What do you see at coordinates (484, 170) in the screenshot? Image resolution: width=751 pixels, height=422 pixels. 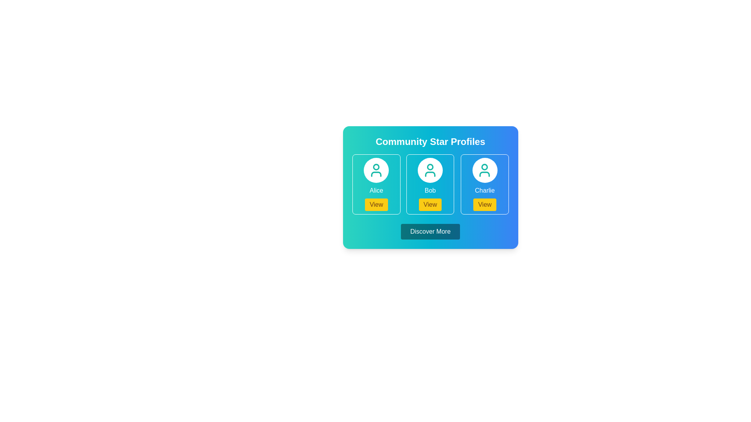 I see `Charlie's profile icon, which is the third profile icon in the row of three within the 'Community Star Profiles' section` at bounding box center [484, 170].